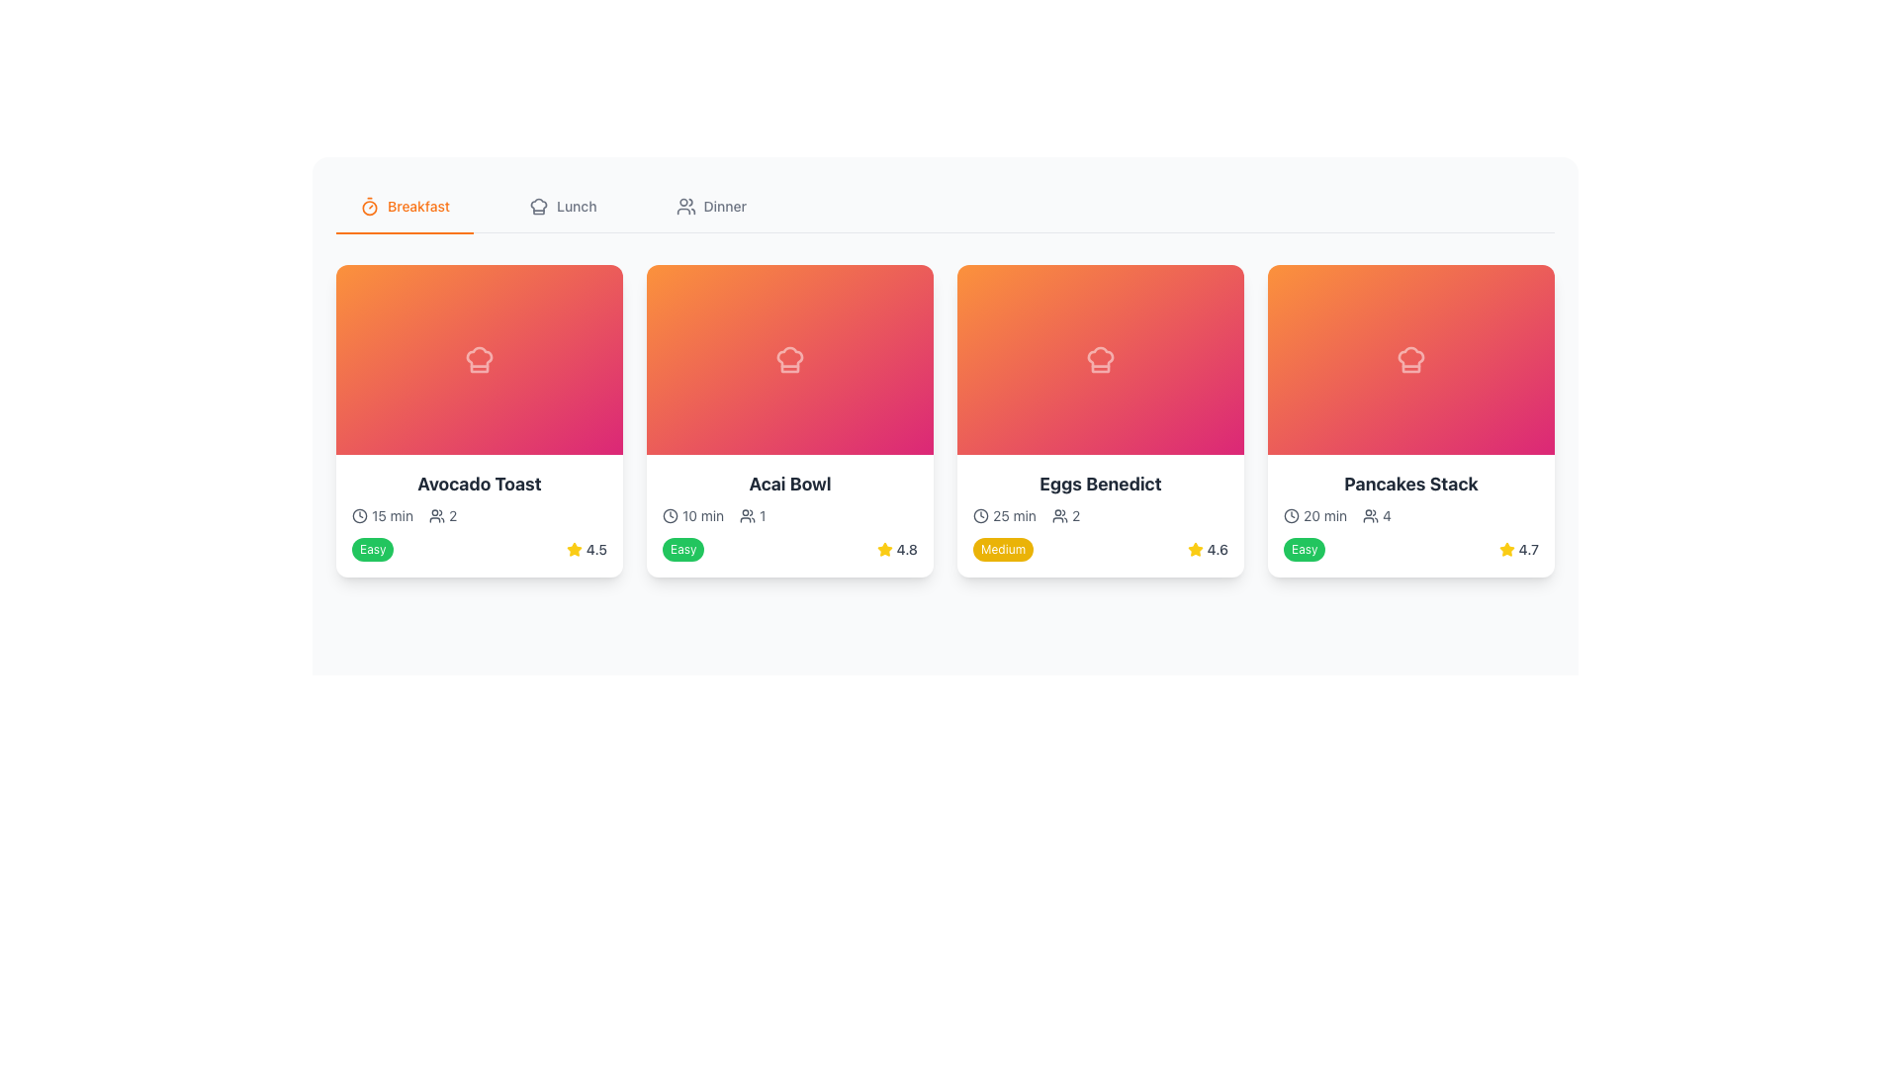 The image size is (1899, 1068). I want to click on the text label displaying '15 min', which is styled in a smaller font size and muted color tone, located in the top-left section of the card for the 'Avocado Toast' item, next to the clock icon, so click(393, 514).